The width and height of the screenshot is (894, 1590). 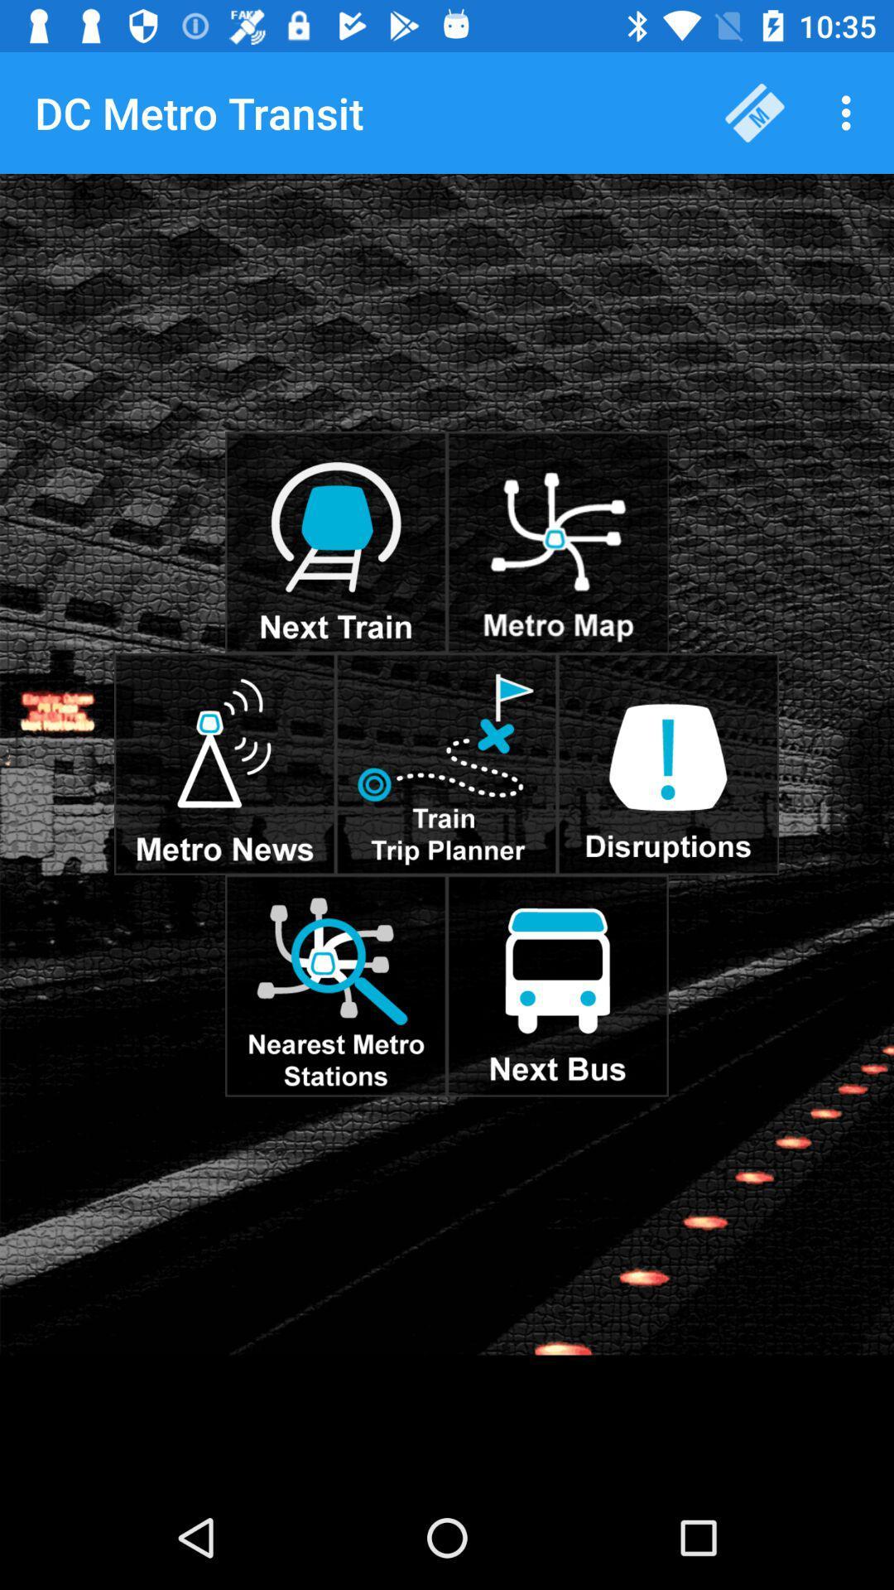 What do you see at coordinates (224, 763) in the screenshot?
I see `news` at bounding box center [224, 763].